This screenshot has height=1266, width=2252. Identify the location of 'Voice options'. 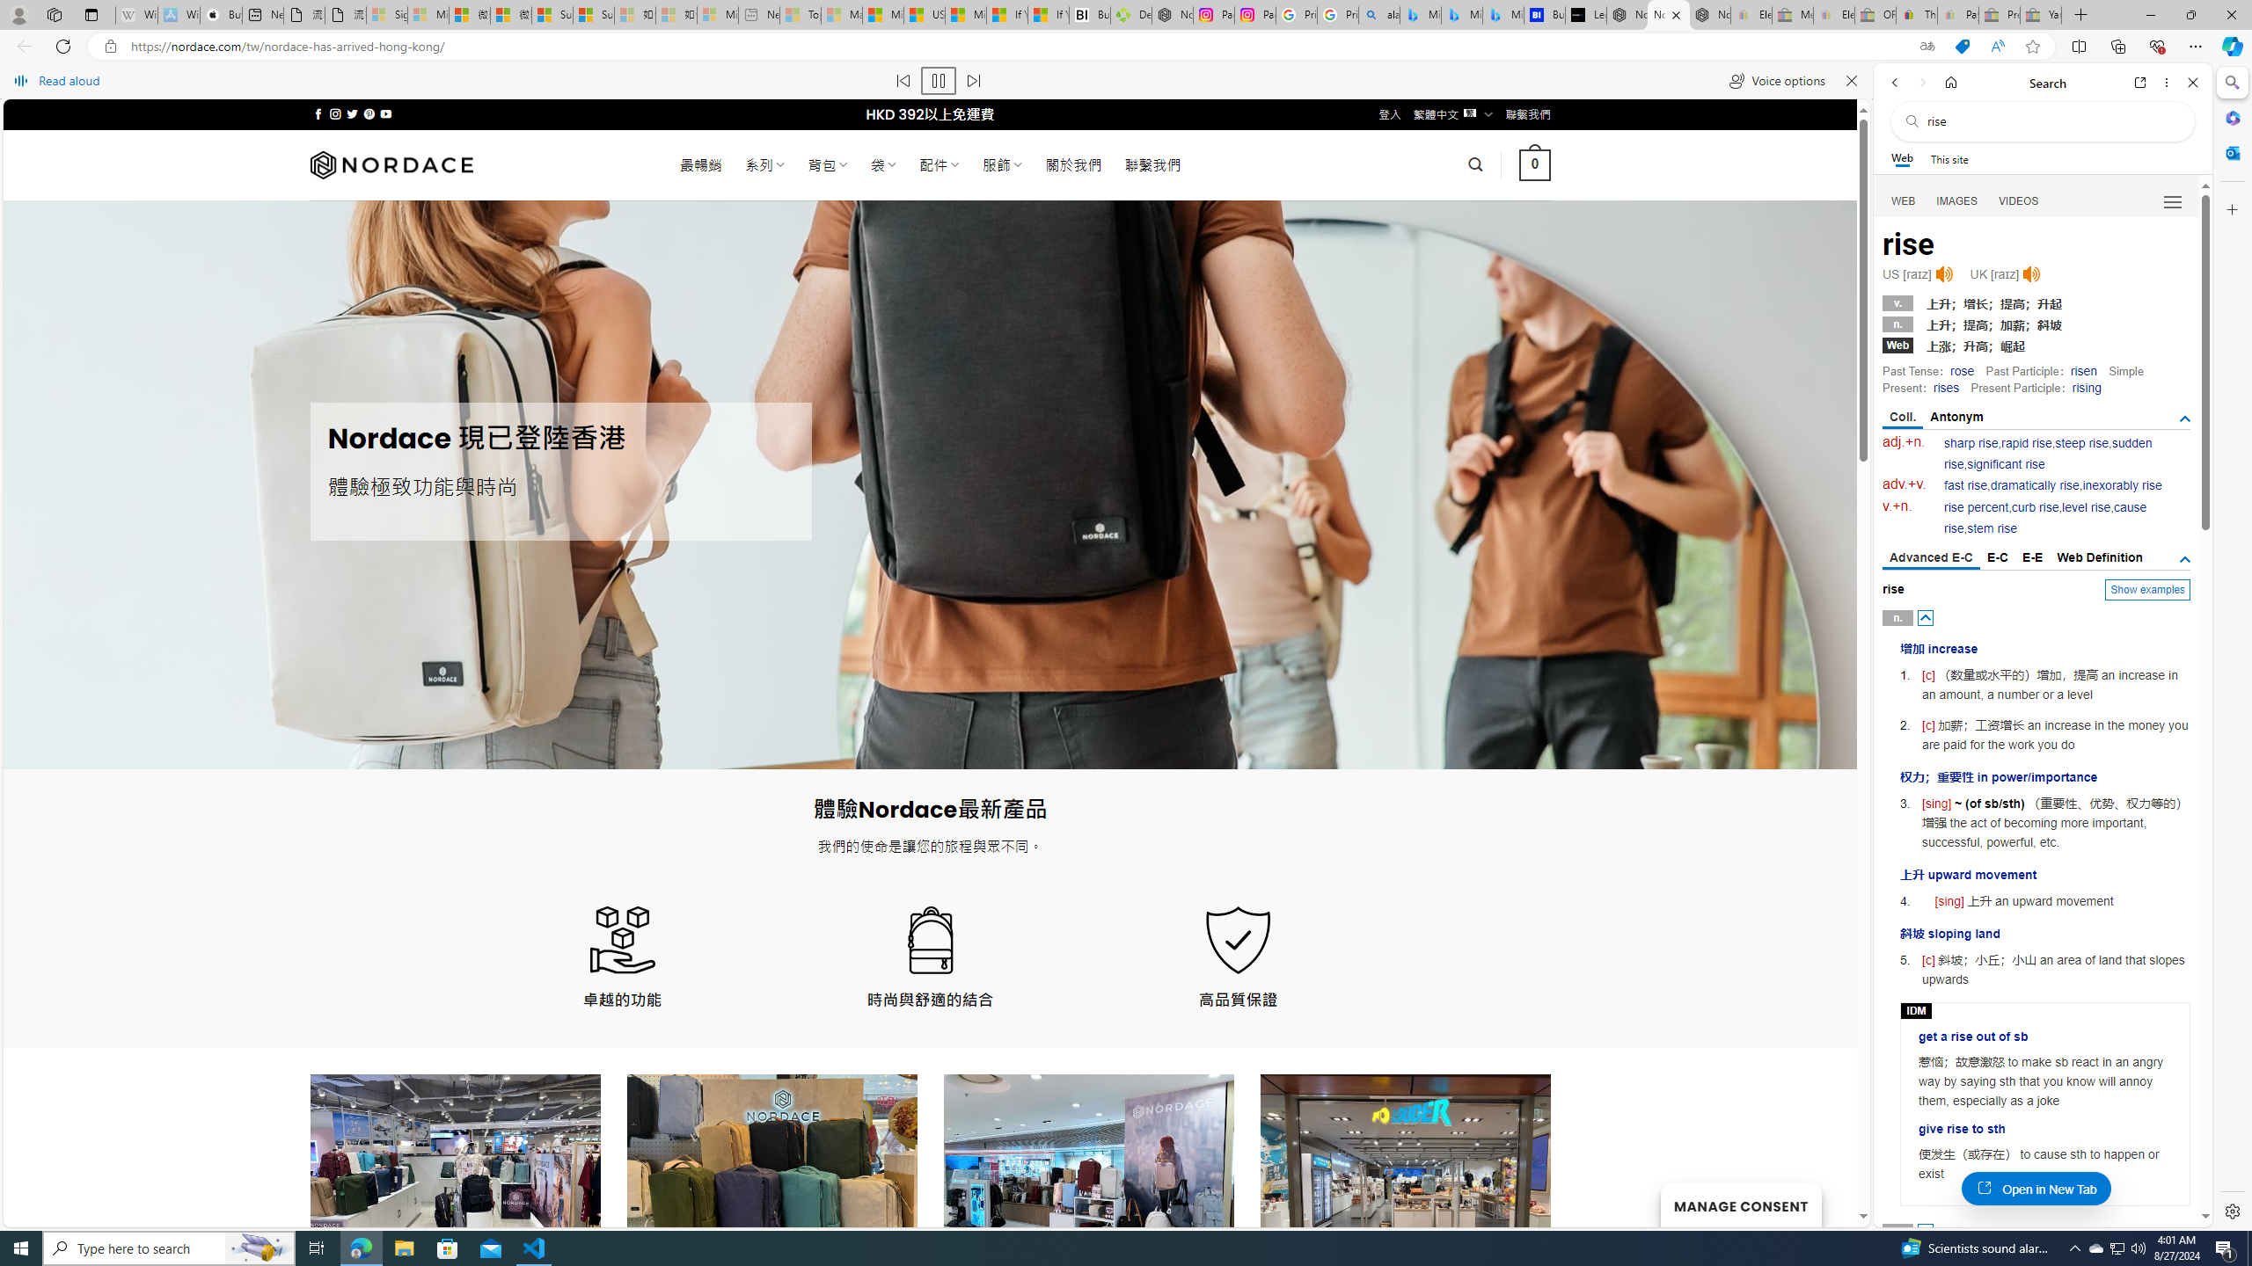
(1778, 80).